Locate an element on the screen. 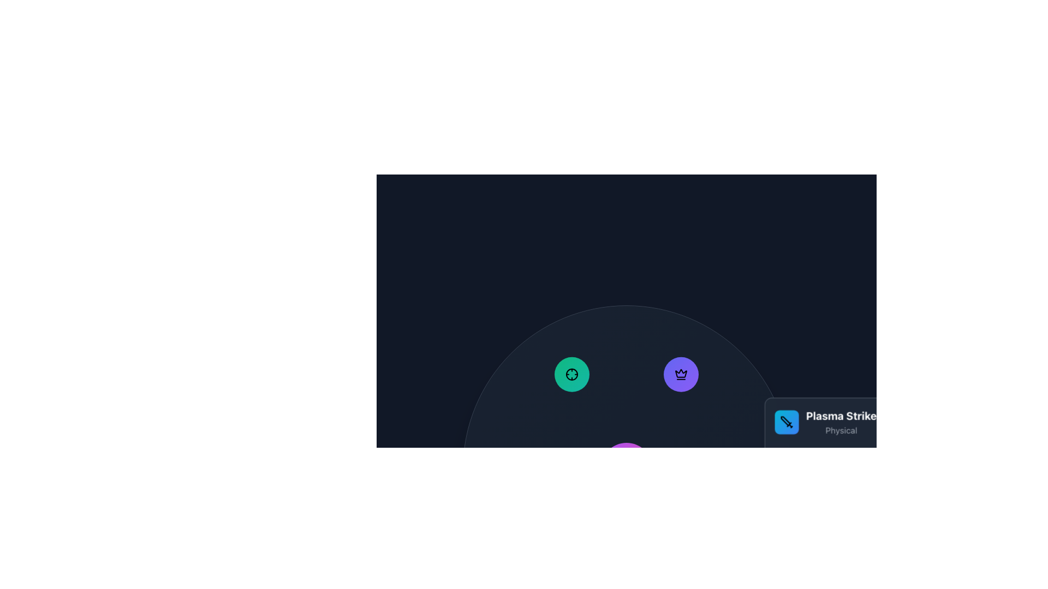 The width and height of the screenshot is (1048, 589). the selectable action icon located in the bottom-right corner of the interface, which symbolizes a physical attack or weapon-related feature is located at coordinates (787, 422).